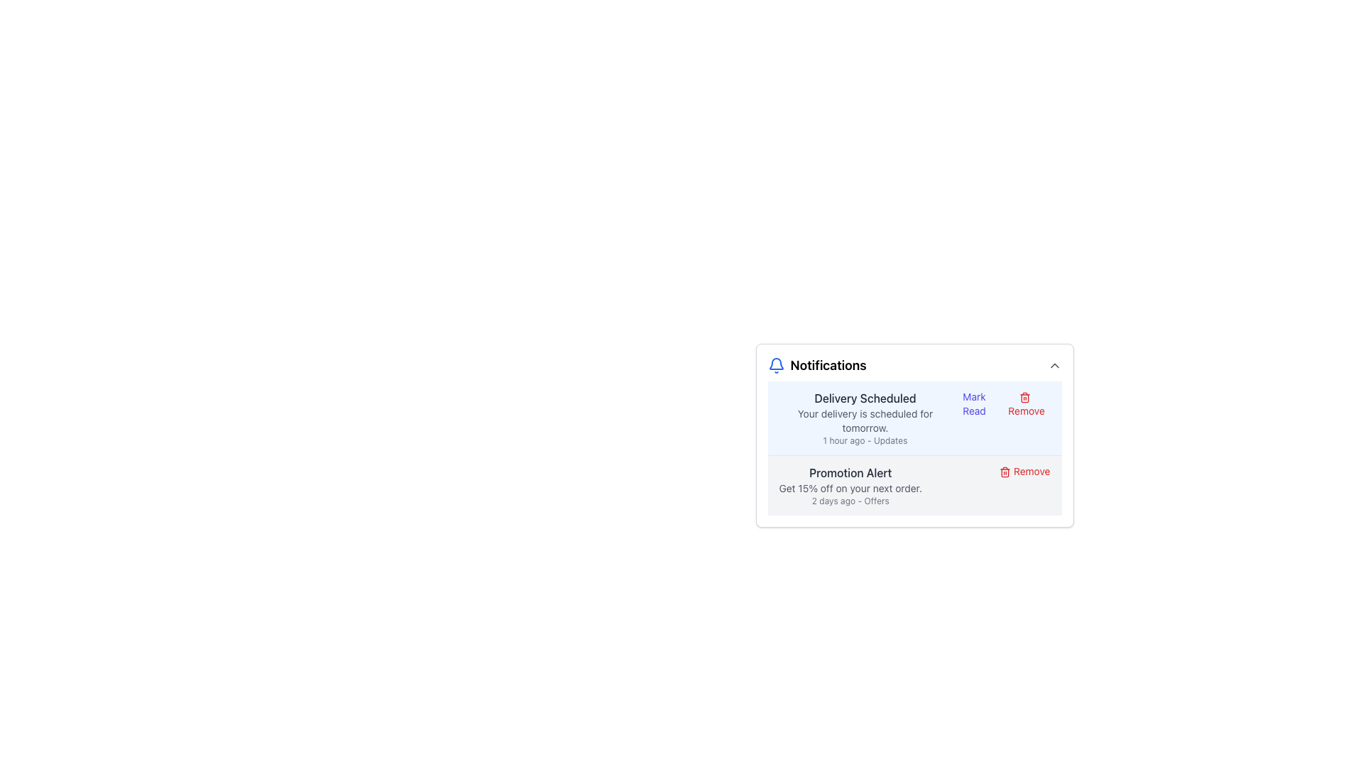 This screenshot has width=1363, height=767. Describe the element at coordinates (775, 363) in the screenshot. I see `the decorative bell graphical element that signifies the notifications panel, located at the top-left corner of the notifications panel, directly to the left of the 'Notifications' title` at that location.